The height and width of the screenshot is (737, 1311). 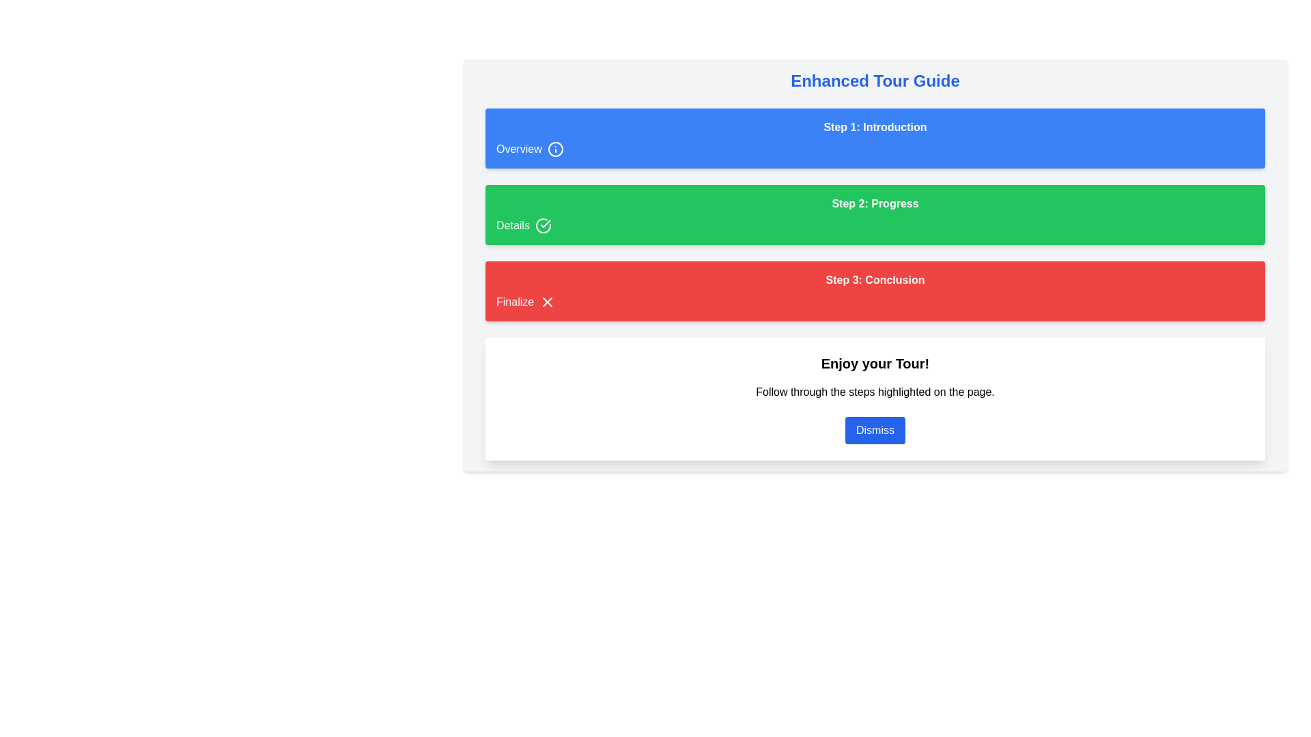 I want to click on the text label reading 'Step 1: Introduction', which is styled in bold font against a blue background and located at the top center of the interface, so click(x=875, y=127).